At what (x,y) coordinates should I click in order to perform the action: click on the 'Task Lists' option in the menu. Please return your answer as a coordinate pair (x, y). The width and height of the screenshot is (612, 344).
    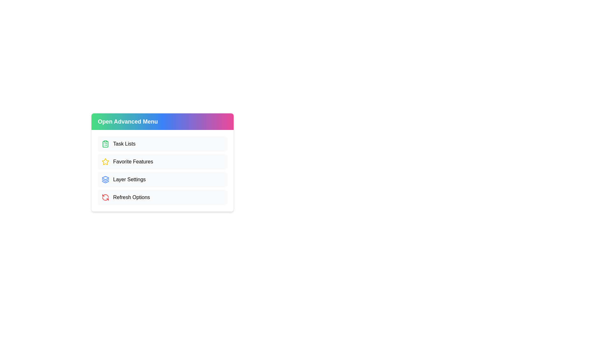
    Looking at the image, I should click on (162, 144).